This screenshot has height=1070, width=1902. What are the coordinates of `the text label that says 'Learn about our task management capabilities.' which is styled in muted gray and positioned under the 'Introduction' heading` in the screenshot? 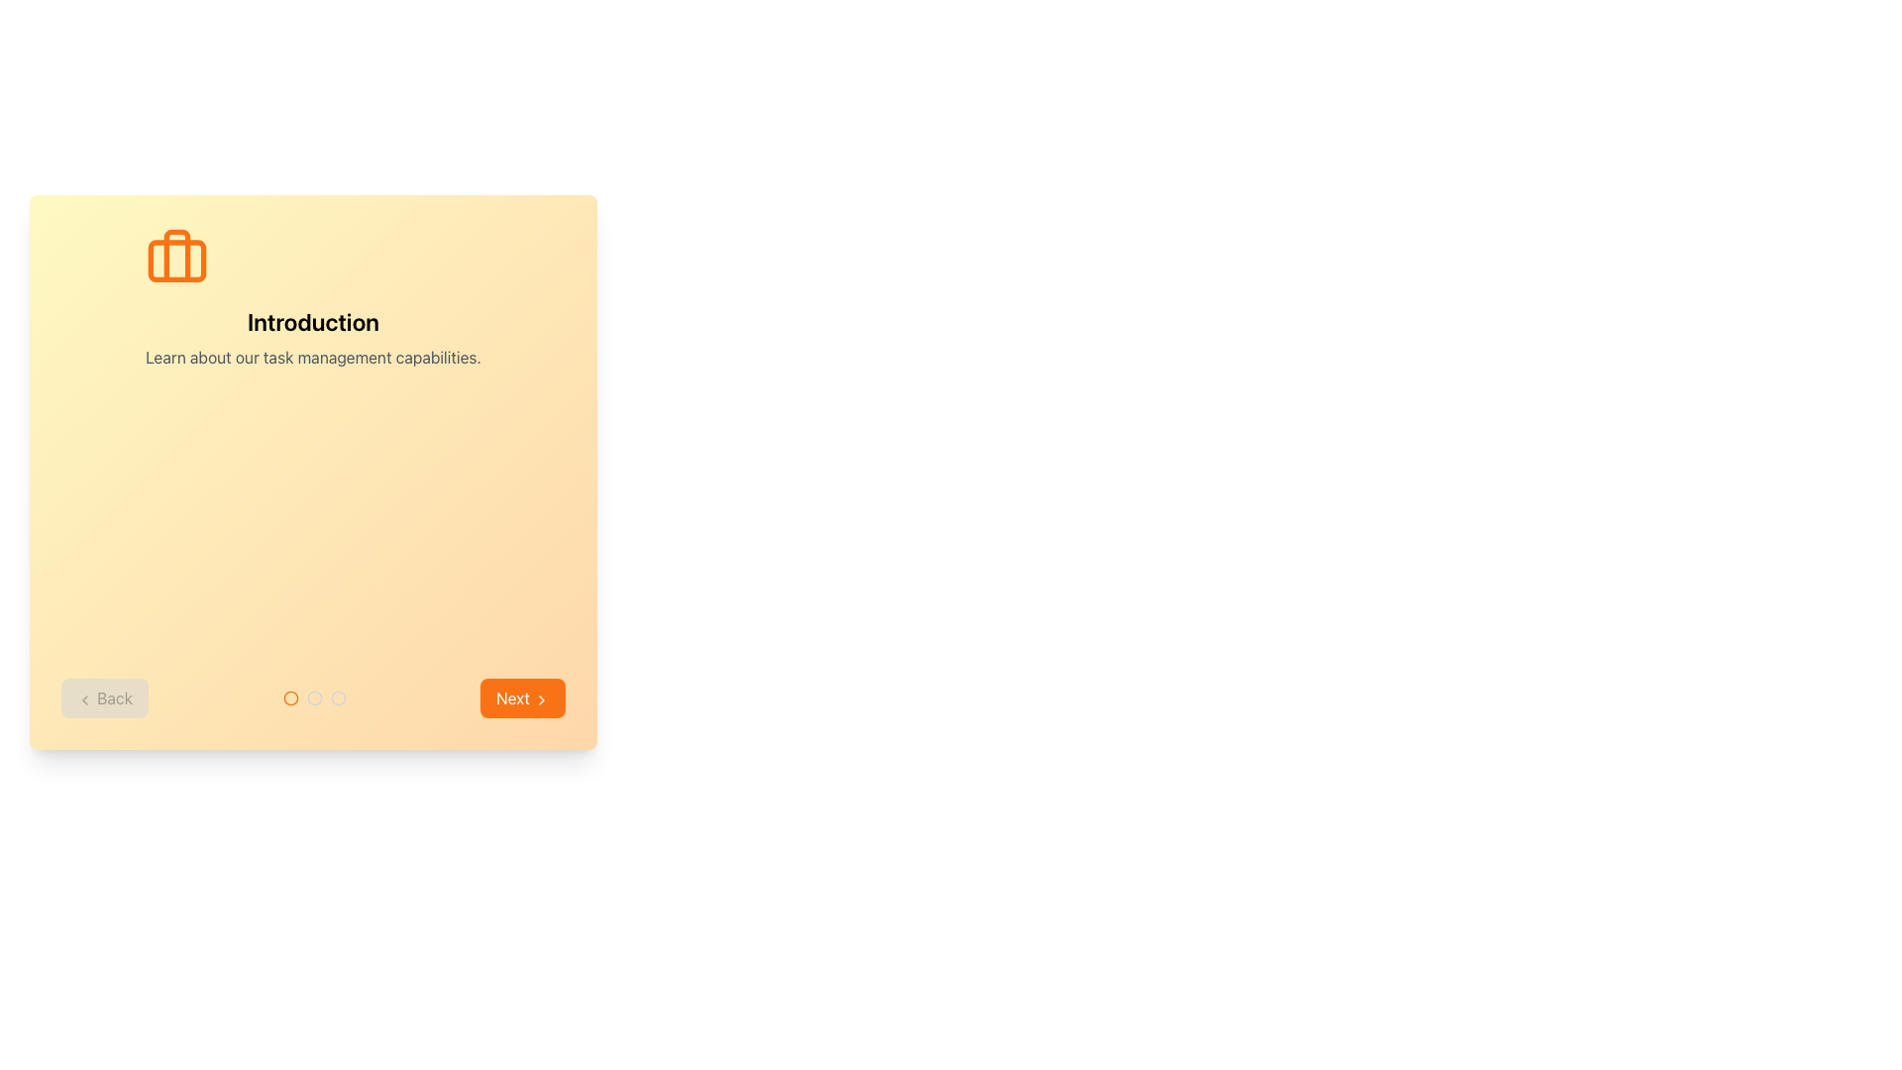 It's located at (312, 358).